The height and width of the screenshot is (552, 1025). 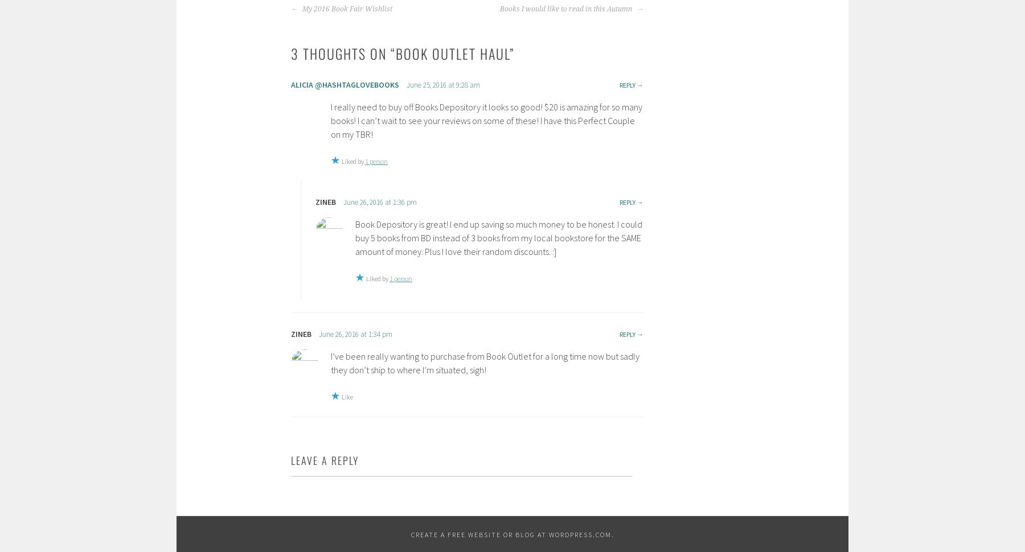 What do you see at coordinates (380, 201) in the screenshot?
I see `'June 26, 2016 at 1:36 pm'` at bounding box center [380, 201].